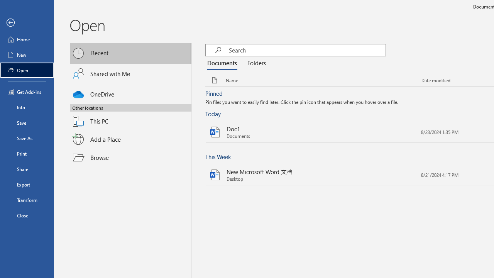 This screenshot has height=278, width=494. I want to click on 'Recent', so click(130, 53).